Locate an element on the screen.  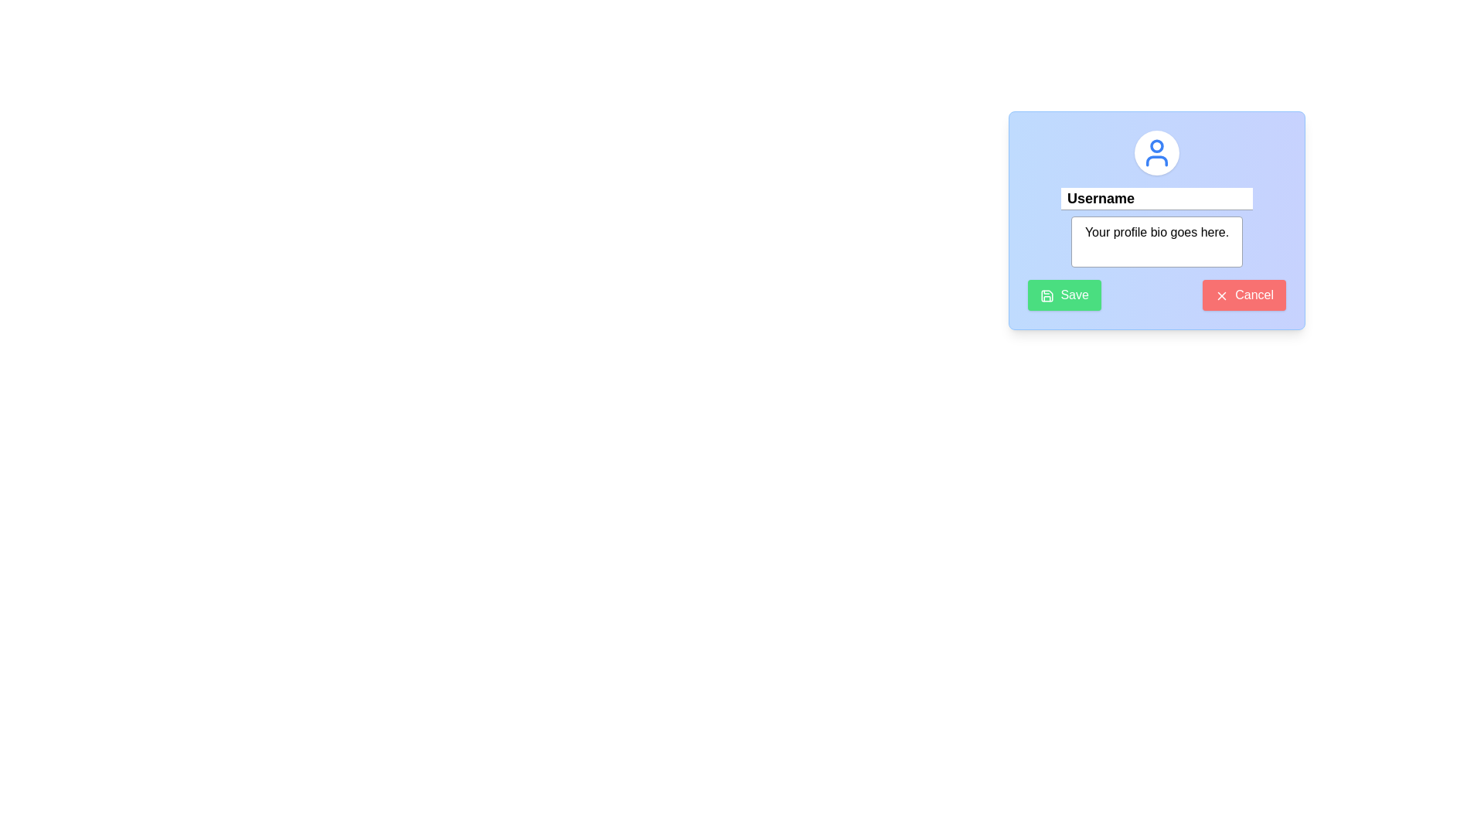
the user profile icon SVG located at the center of the circular background in the top-middle of the modal dialog box is located at coordinates (1157, 152).